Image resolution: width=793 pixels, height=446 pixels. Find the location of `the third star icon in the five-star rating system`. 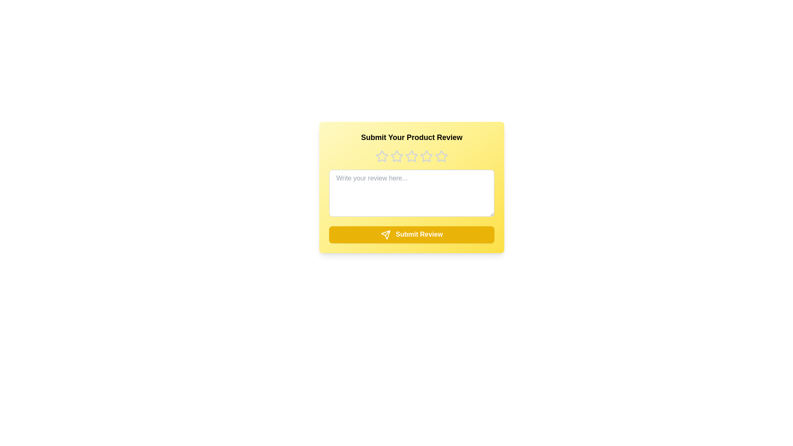

the third star icon in the five-star rating system is located at coordinates (412, 156).